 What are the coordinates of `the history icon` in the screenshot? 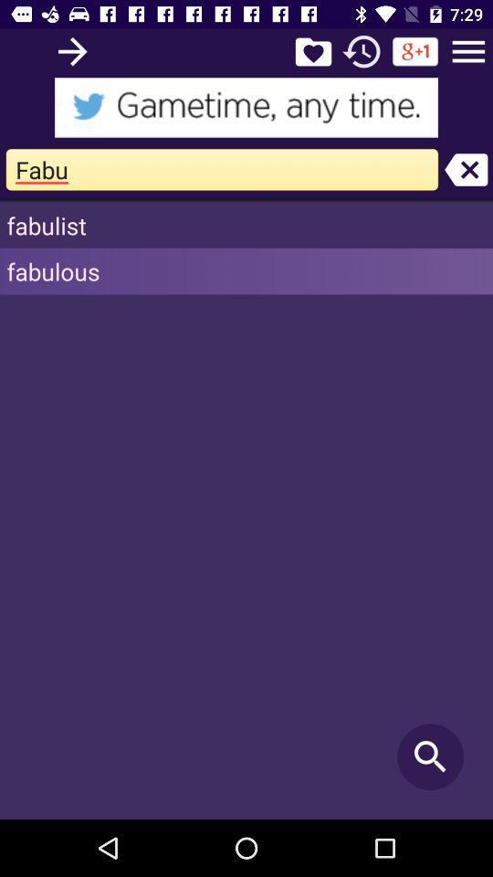 It's located at (362, 50).